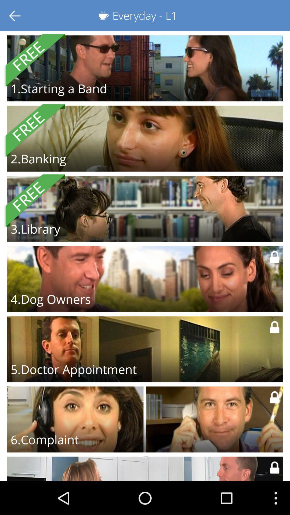 This screenshot has width=290, height=515. Describe the element at coordinates (215, 93) in the screenshot. I see `item to the right of the 1 starting a` at that location.